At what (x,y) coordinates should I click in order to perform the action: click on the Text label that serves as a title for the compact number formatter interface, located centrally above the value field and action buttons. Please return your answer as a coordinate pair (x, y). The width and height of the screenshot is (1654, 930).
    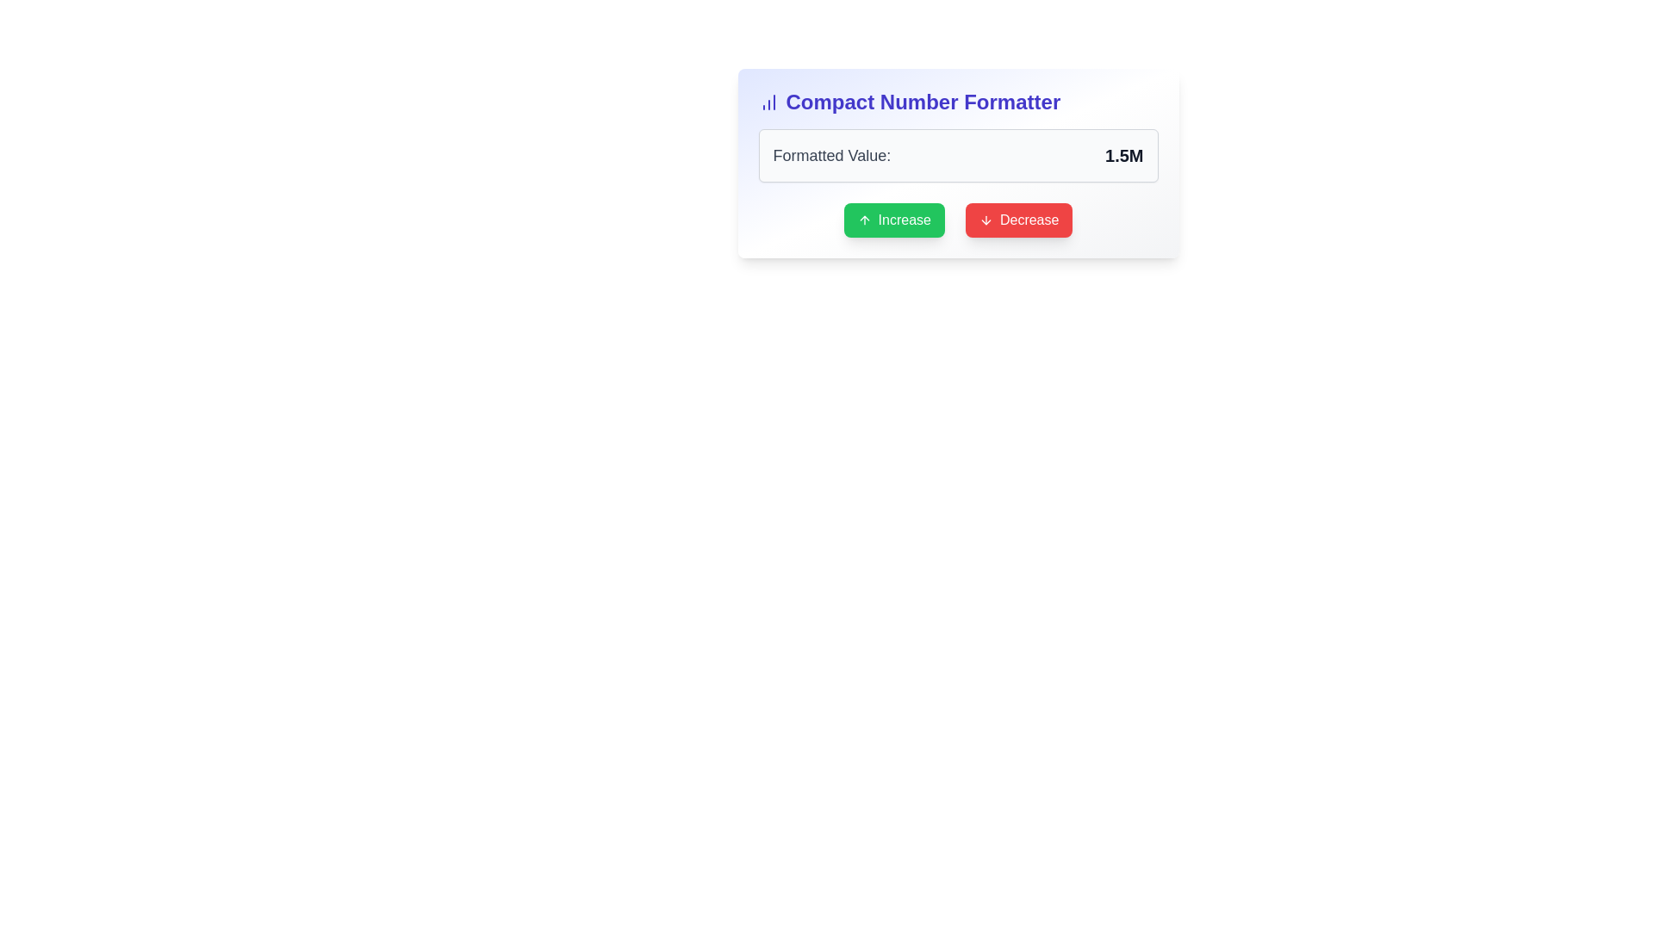
    Looking at the image, I should click on (922, 102).